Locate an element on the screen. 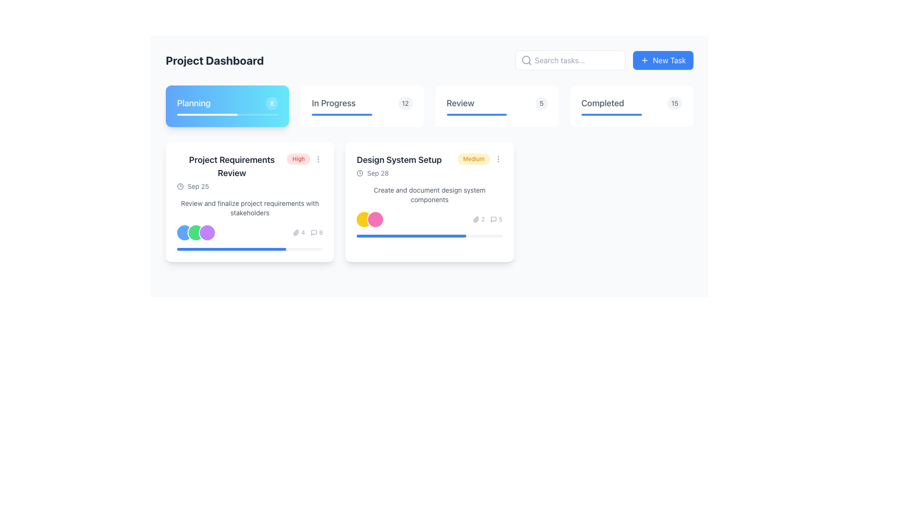 The image size is (907, 510). number displayed on the Badge representing the count of tasks in the 'In Progress' category, located to the right of the 'In Progress' label is located at coordinates (405, 103).